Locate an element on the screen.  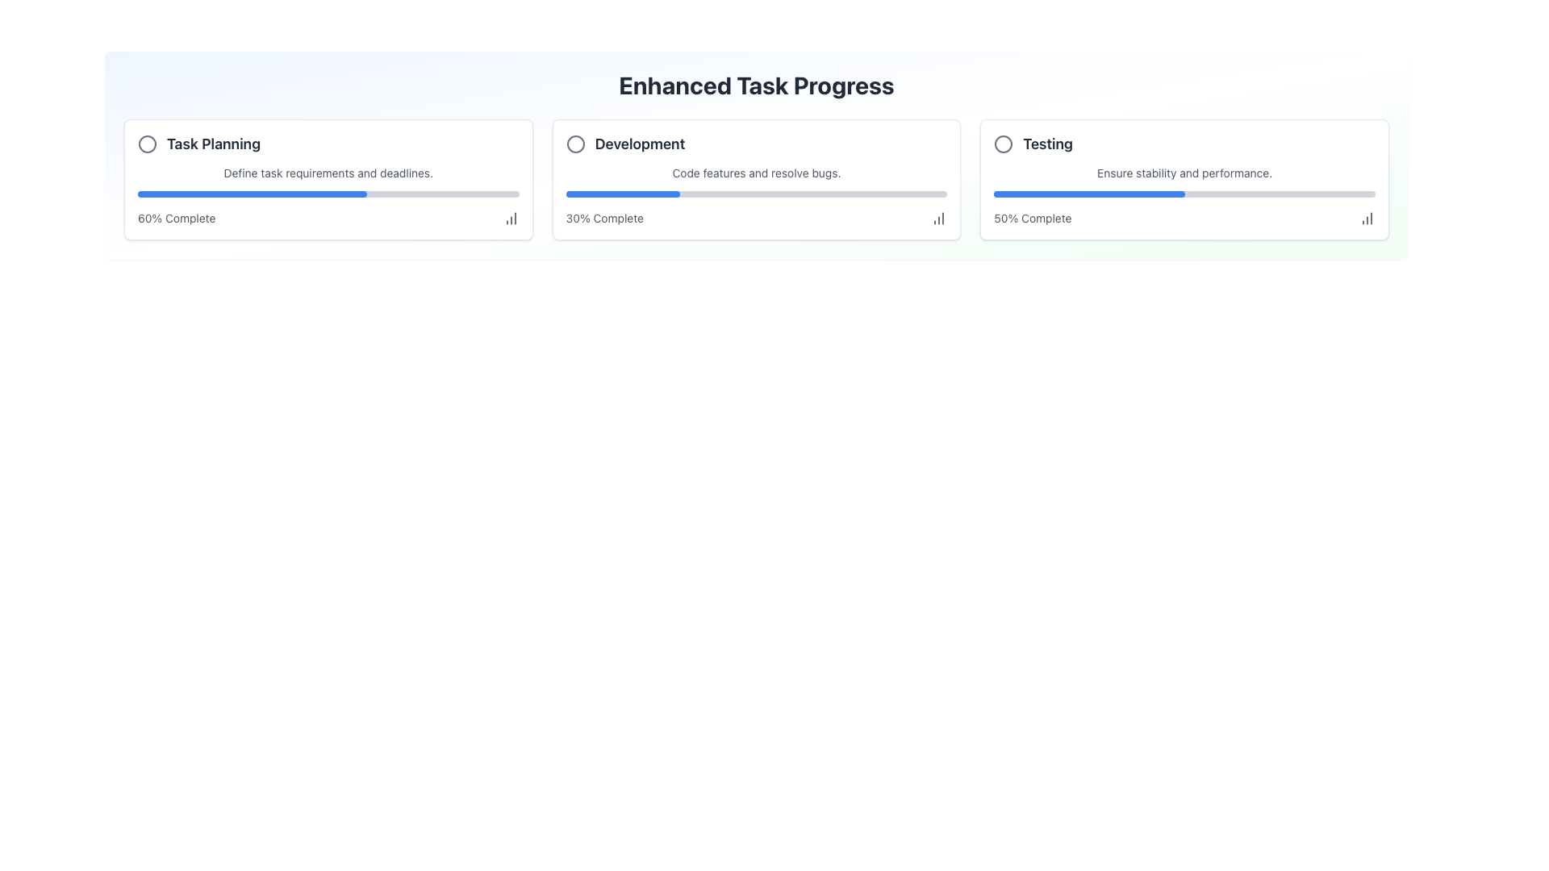
the horizontal progress bar located under the text 'Code features and resolve bugs' in the 'Development' card, which is styled with a light gray background and has a blue-filled segment indicating 30% progress is located at coordinates (755, 193).